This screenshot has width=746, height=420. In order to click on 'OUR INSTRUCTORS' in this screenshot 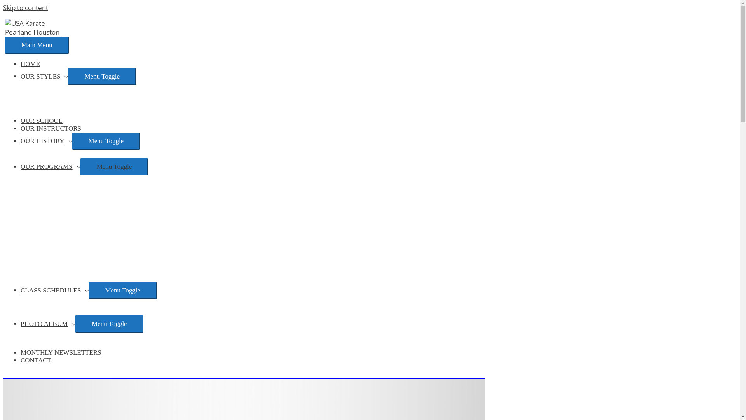, I will do `click(50, 128)`.